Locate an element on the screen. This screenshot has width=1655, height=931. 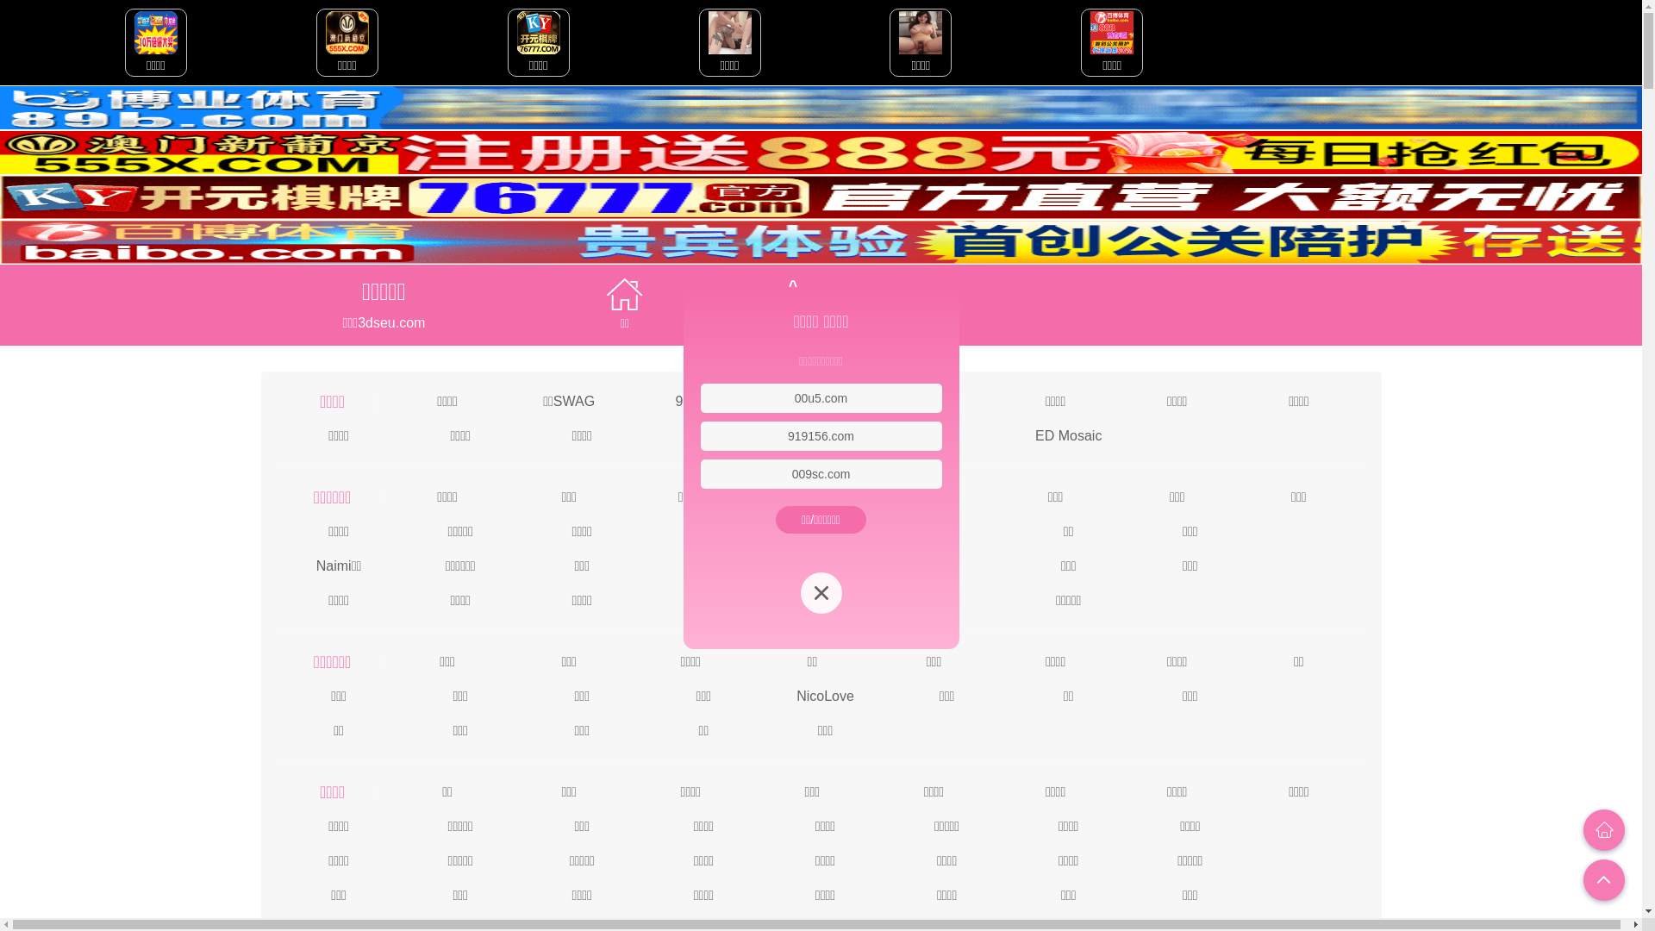
'00u5.com' is located at coordinates (820, 398).